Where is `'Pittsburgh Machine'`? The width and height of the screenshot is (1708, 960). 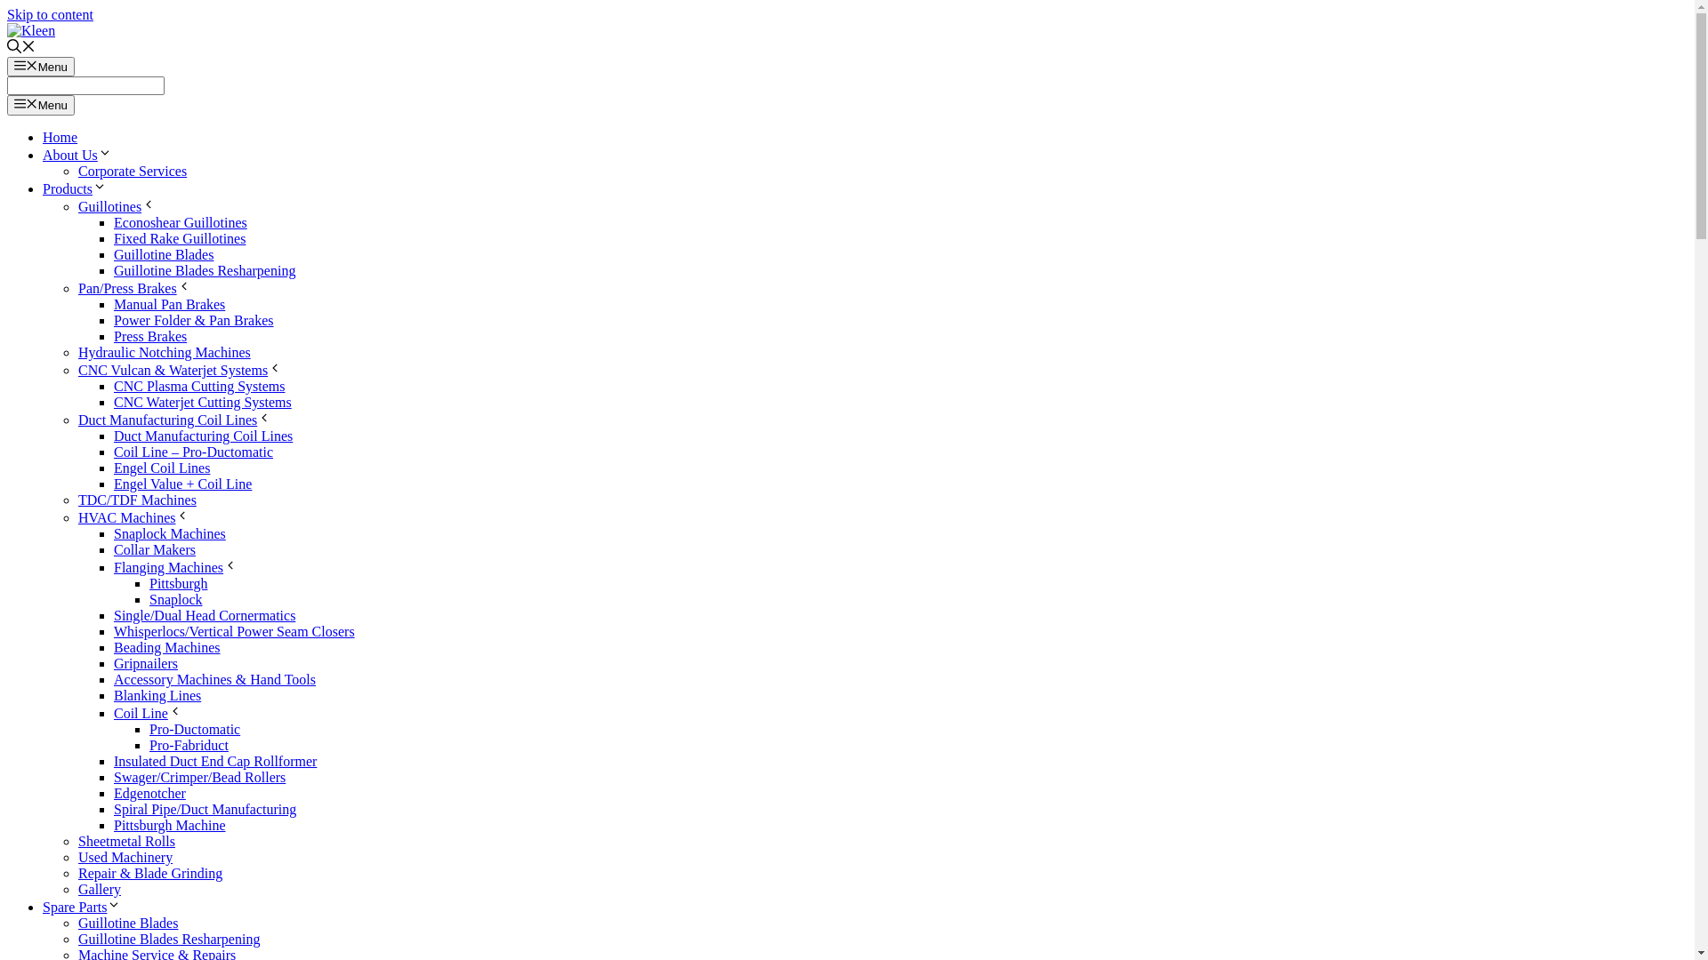 'Pittsburgh Machine' is located at coordinates (169, 825).